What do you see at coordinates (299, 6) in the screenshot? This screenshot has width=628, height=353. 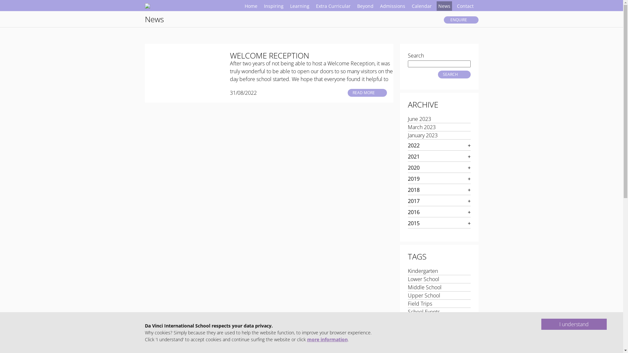 I see `'Learning'` at bounding box center [299, 6].